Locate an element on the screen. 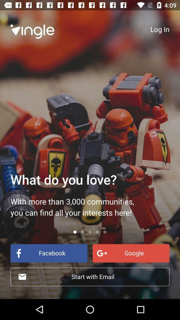 The height and width of the screenshot is (320, 180). the facebook item is located at coordinates (48, 253).